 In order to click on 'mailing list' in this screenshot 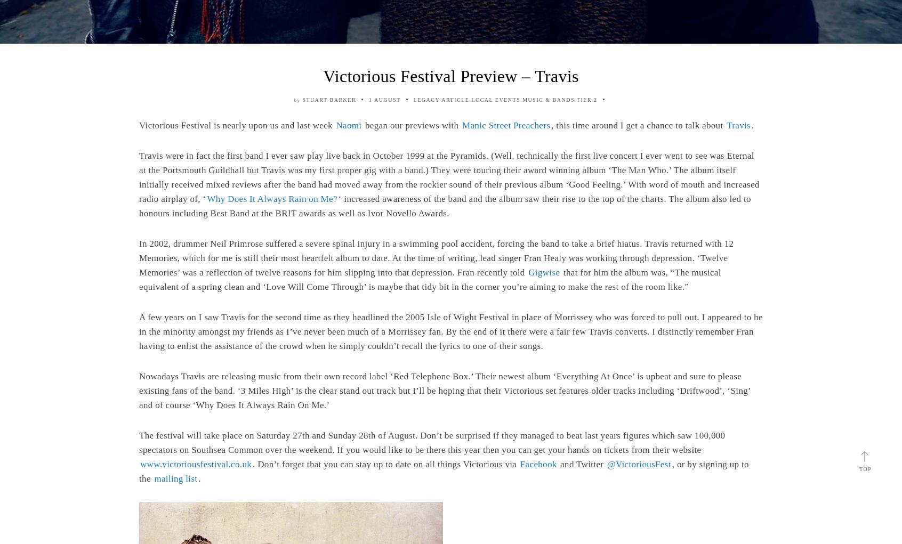, I will do `click(175, 478)`.